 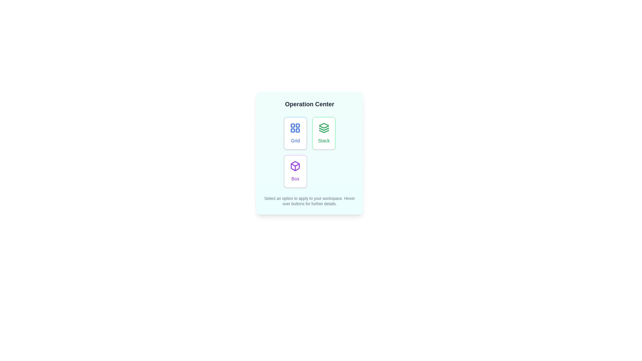 What do you see at coordinates (297, 130) in the screenshot?
I see `the Icon component located in the second cell of the second row of the 2x2 grid layout, which has a rounded rectangle shape` at bounding box center [297, 130].